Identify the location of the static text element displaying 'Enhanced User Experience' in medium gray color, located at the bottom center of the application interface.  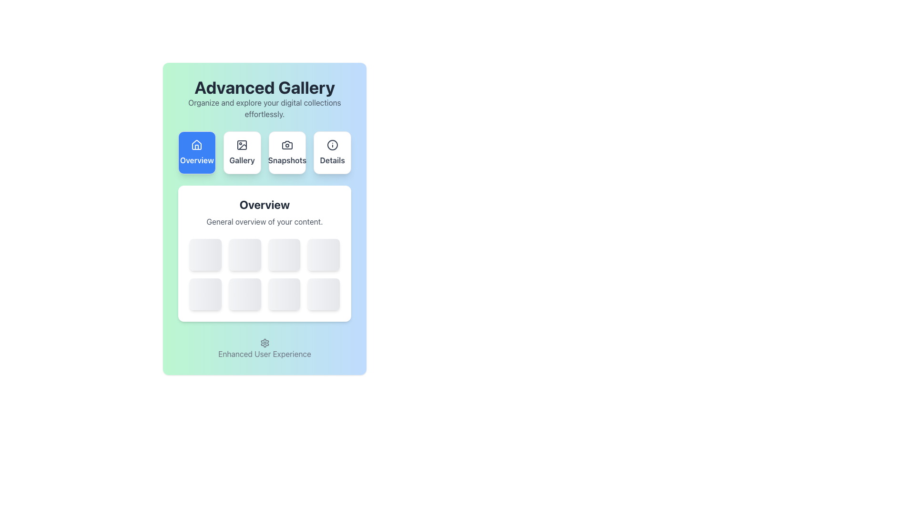
(264, 354).